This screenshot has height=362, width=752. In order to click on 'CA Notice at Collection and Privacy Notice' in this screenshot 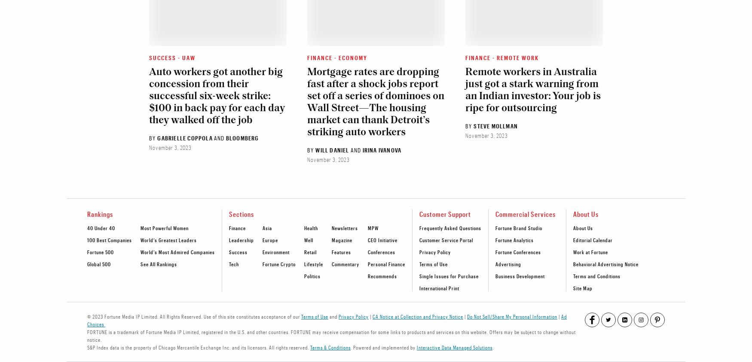, I will do `click(372, 316)`.